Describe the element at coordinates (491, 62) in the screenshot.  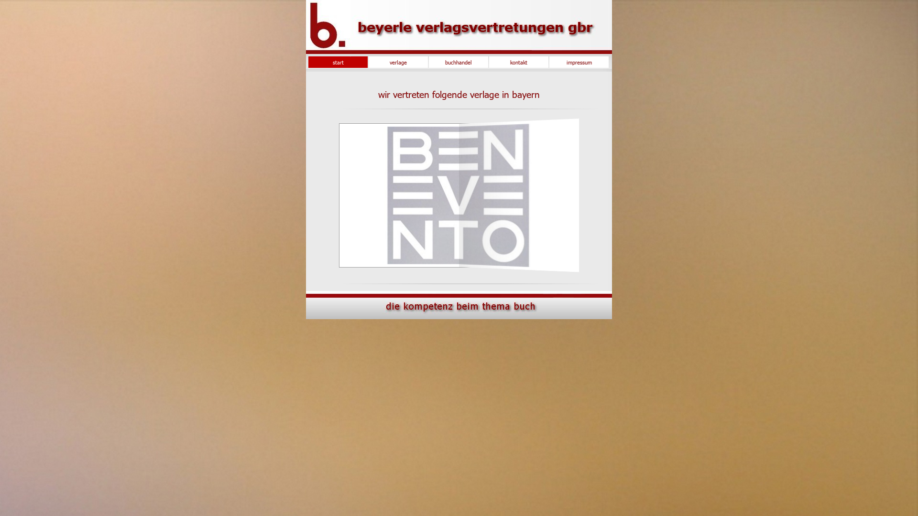
I see `'kontakt'` at that location.